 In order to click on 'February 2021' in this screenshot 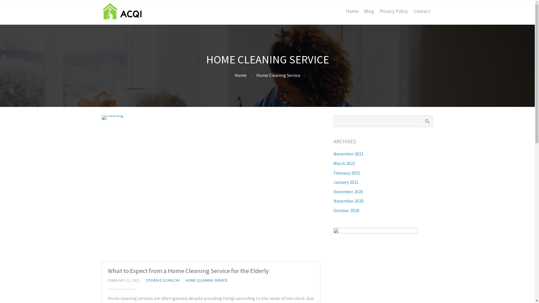, I will do `click(346, 173)`.